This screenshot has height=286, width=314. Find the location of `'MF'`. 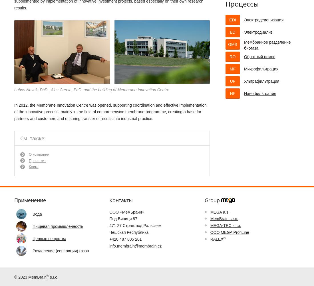

'MF' is located at coordinates (232, 69).